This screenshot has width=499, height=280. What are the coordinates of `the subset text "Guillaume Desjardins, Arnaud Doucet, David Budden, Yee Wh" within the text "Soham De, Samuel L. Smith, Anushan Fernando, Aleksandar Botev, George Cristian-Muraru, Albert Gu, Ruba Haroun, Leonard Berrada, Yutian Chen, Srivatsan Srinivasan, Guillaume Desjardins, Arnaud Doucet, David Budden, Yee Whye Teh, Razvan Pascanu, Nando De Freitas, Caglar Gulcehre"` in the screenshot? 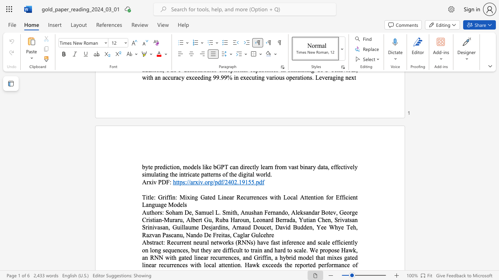 It's located at (172, 227).